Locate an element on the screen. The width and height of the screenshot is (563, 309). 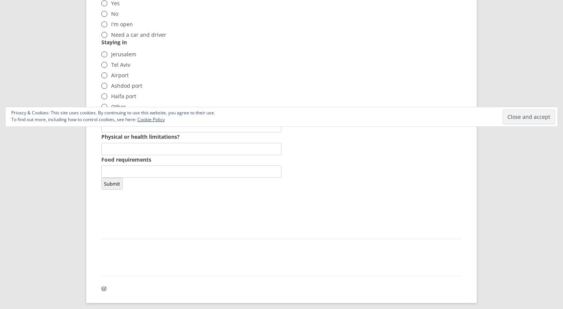
'Physical or health limitations?' is located at coordinates (101, 136).